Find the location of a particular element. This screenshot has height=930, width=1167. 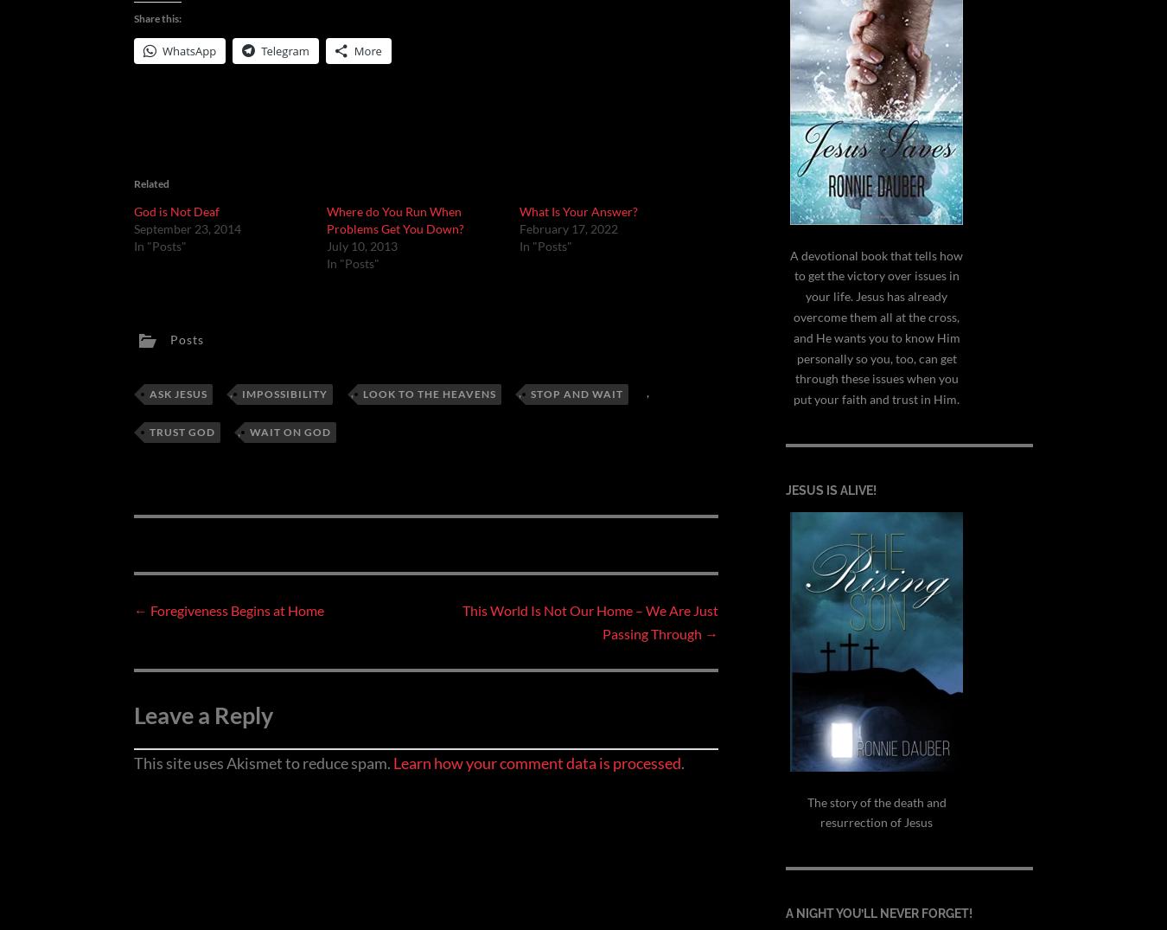

'Jesus is alive!' is located at coordinates (830, 490).